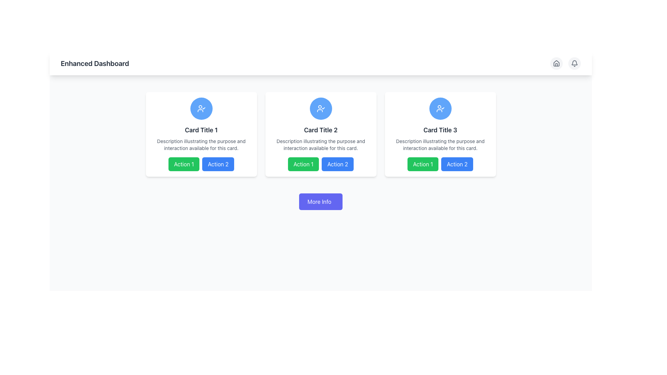 This screenshot has width=667, height=375. What do you see at coordinates (320, 108) in the screenshot?
I see `the circular blue button with a white approval icon, located in the card titled 'Card Title 2'` at bounding box center [320, 108].